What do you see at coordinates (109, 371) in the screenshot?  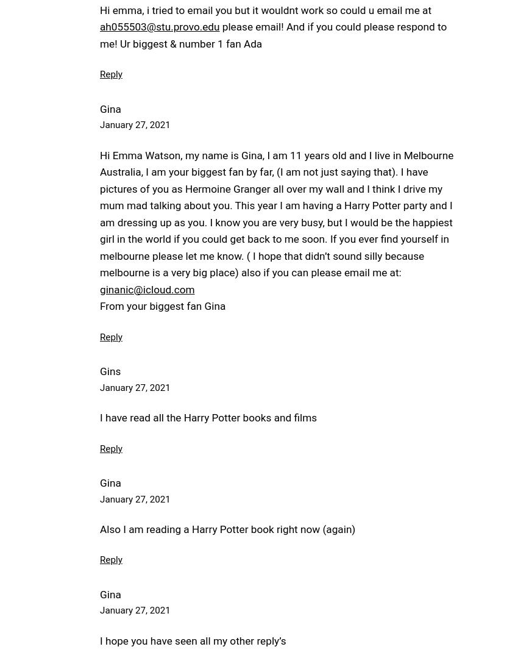 I see `'Gins'` at bounding box center [109, 371].